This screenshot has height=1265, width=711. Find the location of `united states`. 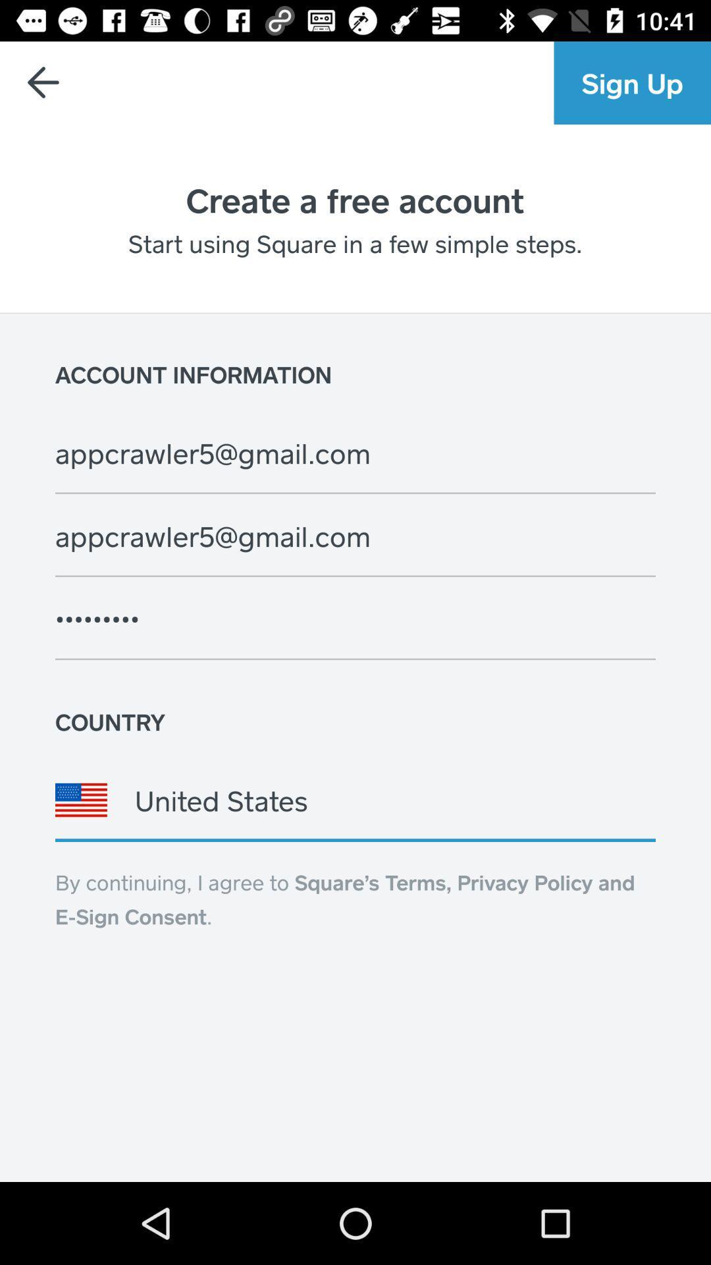

united states is located at coordinates (355, 799).